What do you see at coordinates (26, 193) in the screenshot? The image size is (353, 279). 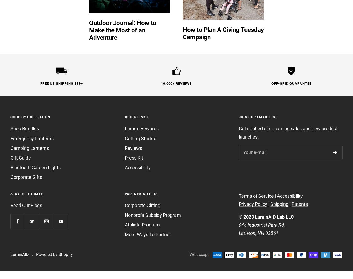 I see `'Stay Up-To-Date'` at bounding box center [26, 193].